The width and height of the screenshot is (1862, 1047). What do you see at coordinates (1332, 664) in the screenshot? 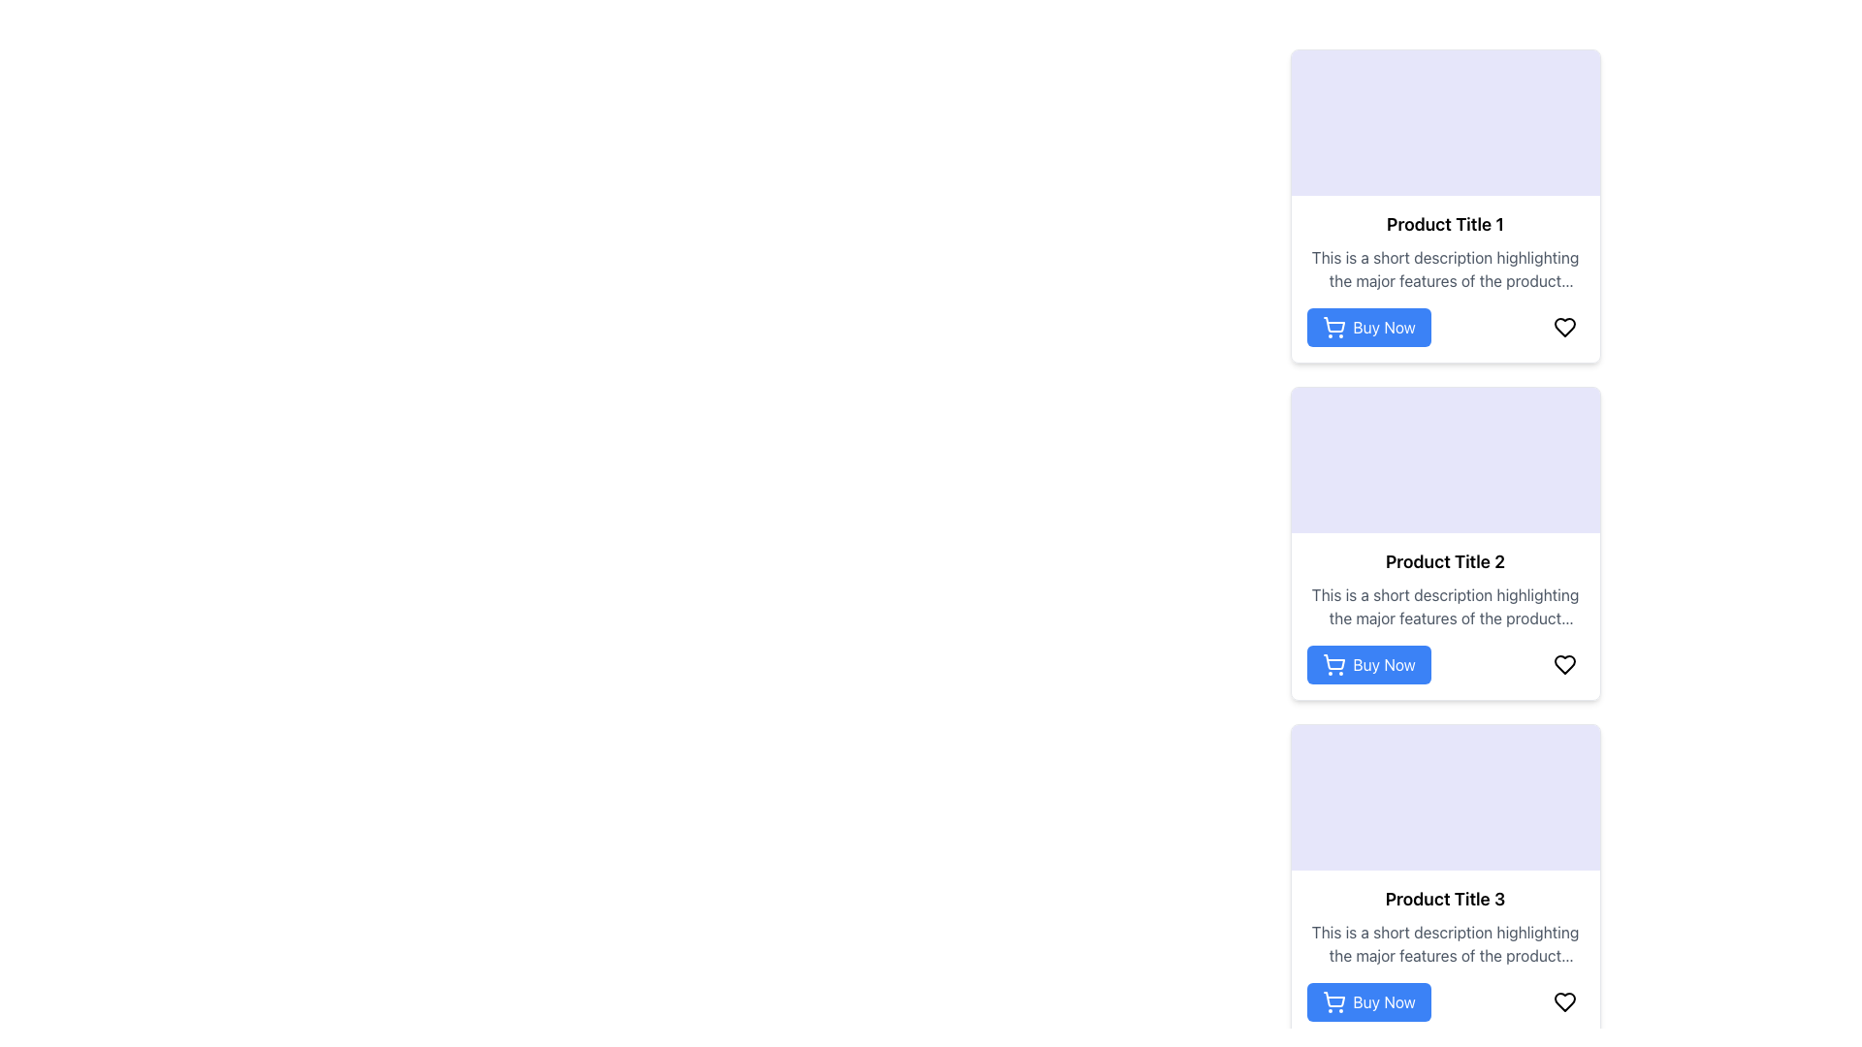
I see `the shopping cart icon embedded within the 'Buy Now' button, which is located at the bottom of the product card labeled 'Product Title 2'` at bounding box center [1332, 664].